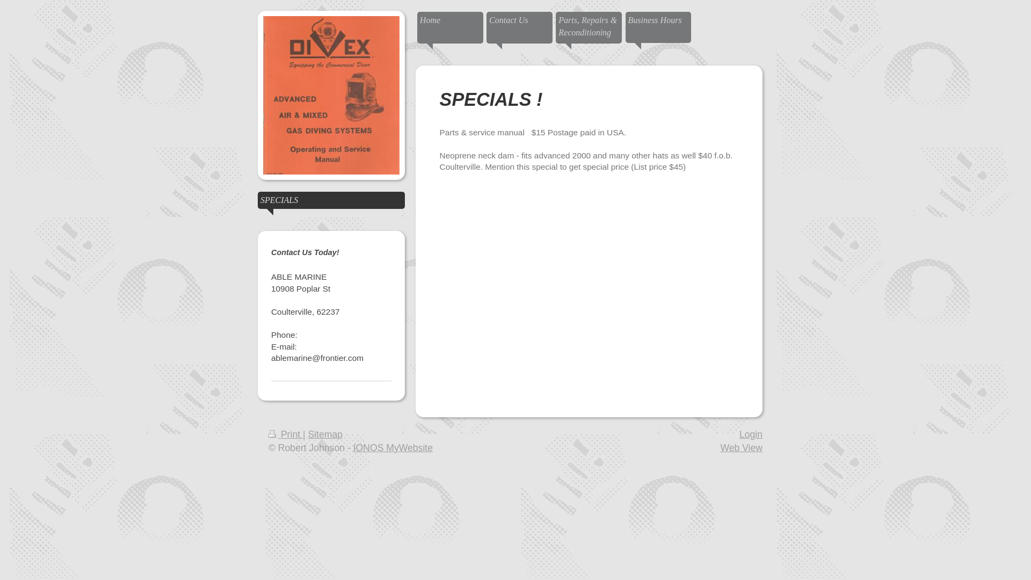  I want to click on 'Print', so click(268, 434).